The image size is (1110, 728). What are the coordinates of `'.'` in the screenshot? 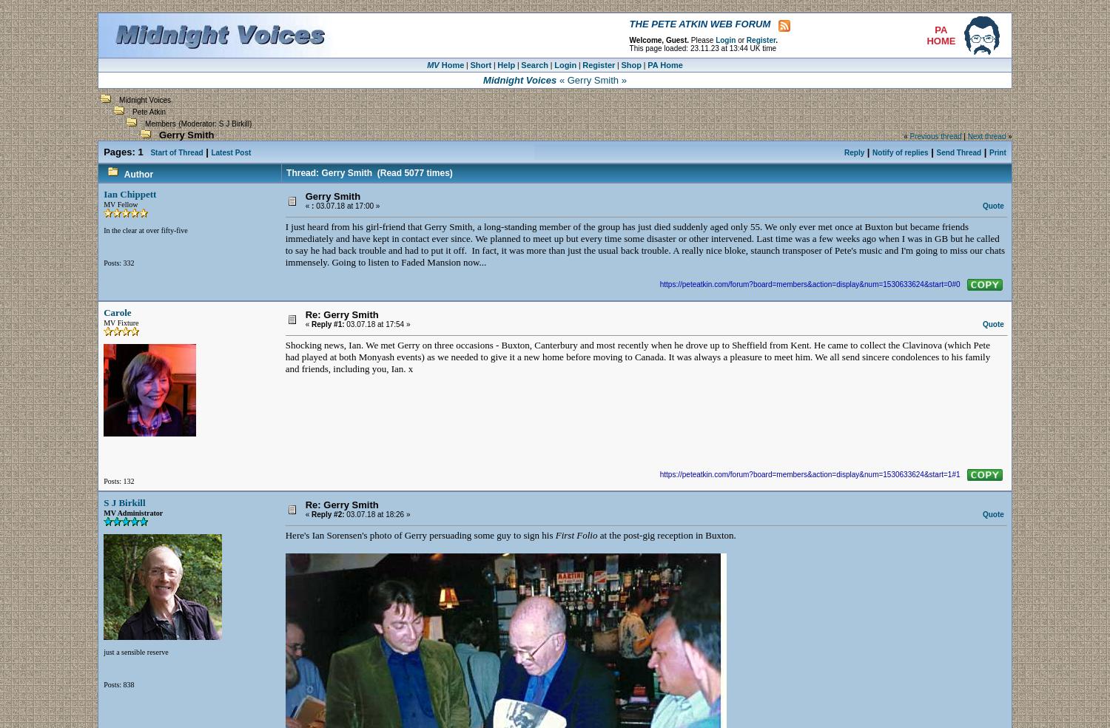 It's located at (776, 38).